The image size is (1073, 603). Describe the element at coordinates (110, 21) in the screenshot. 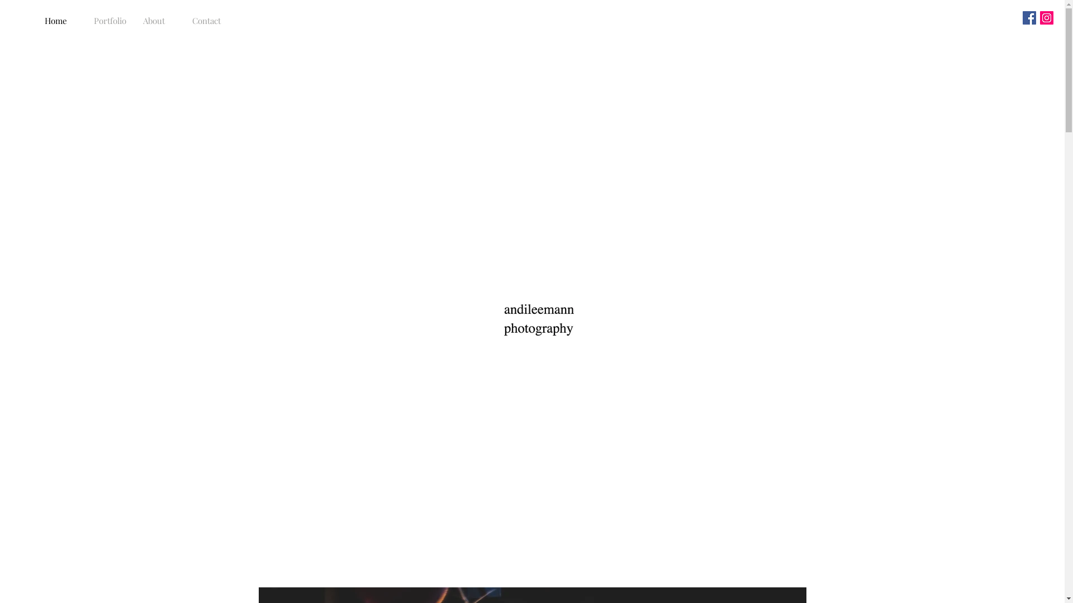

I see `'Portfolio'` at that location.